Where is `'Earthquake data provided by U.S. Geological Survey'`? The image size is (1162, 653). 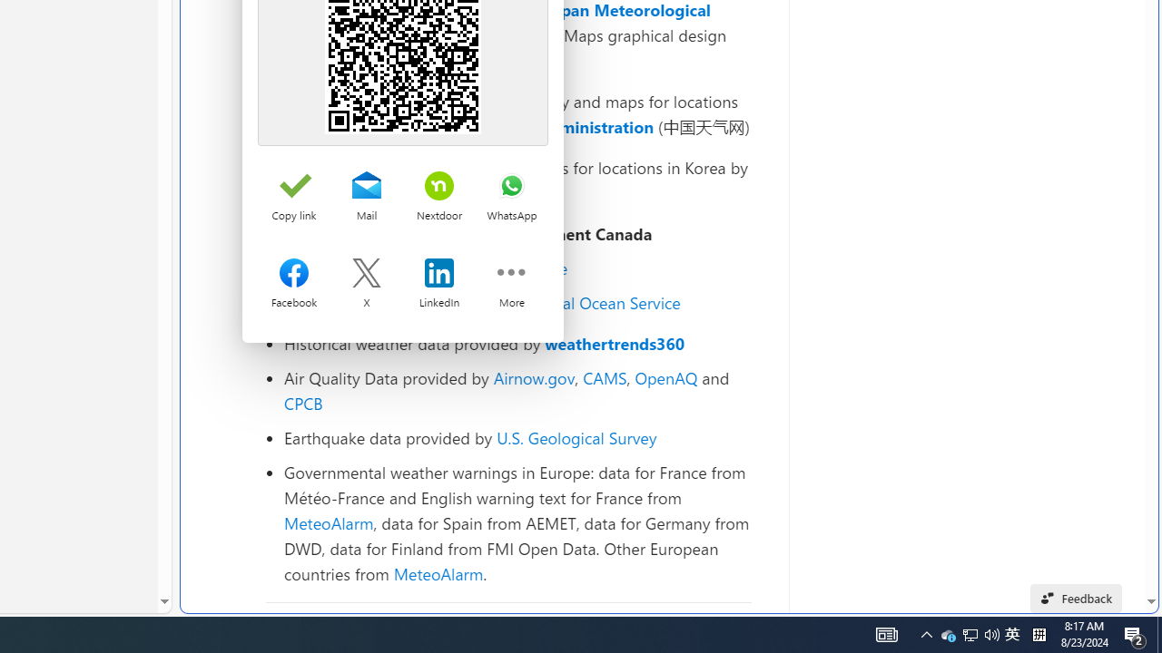
'Earthquake data provided by U.S. Geological Survey' is located at coordinates (517, 437).